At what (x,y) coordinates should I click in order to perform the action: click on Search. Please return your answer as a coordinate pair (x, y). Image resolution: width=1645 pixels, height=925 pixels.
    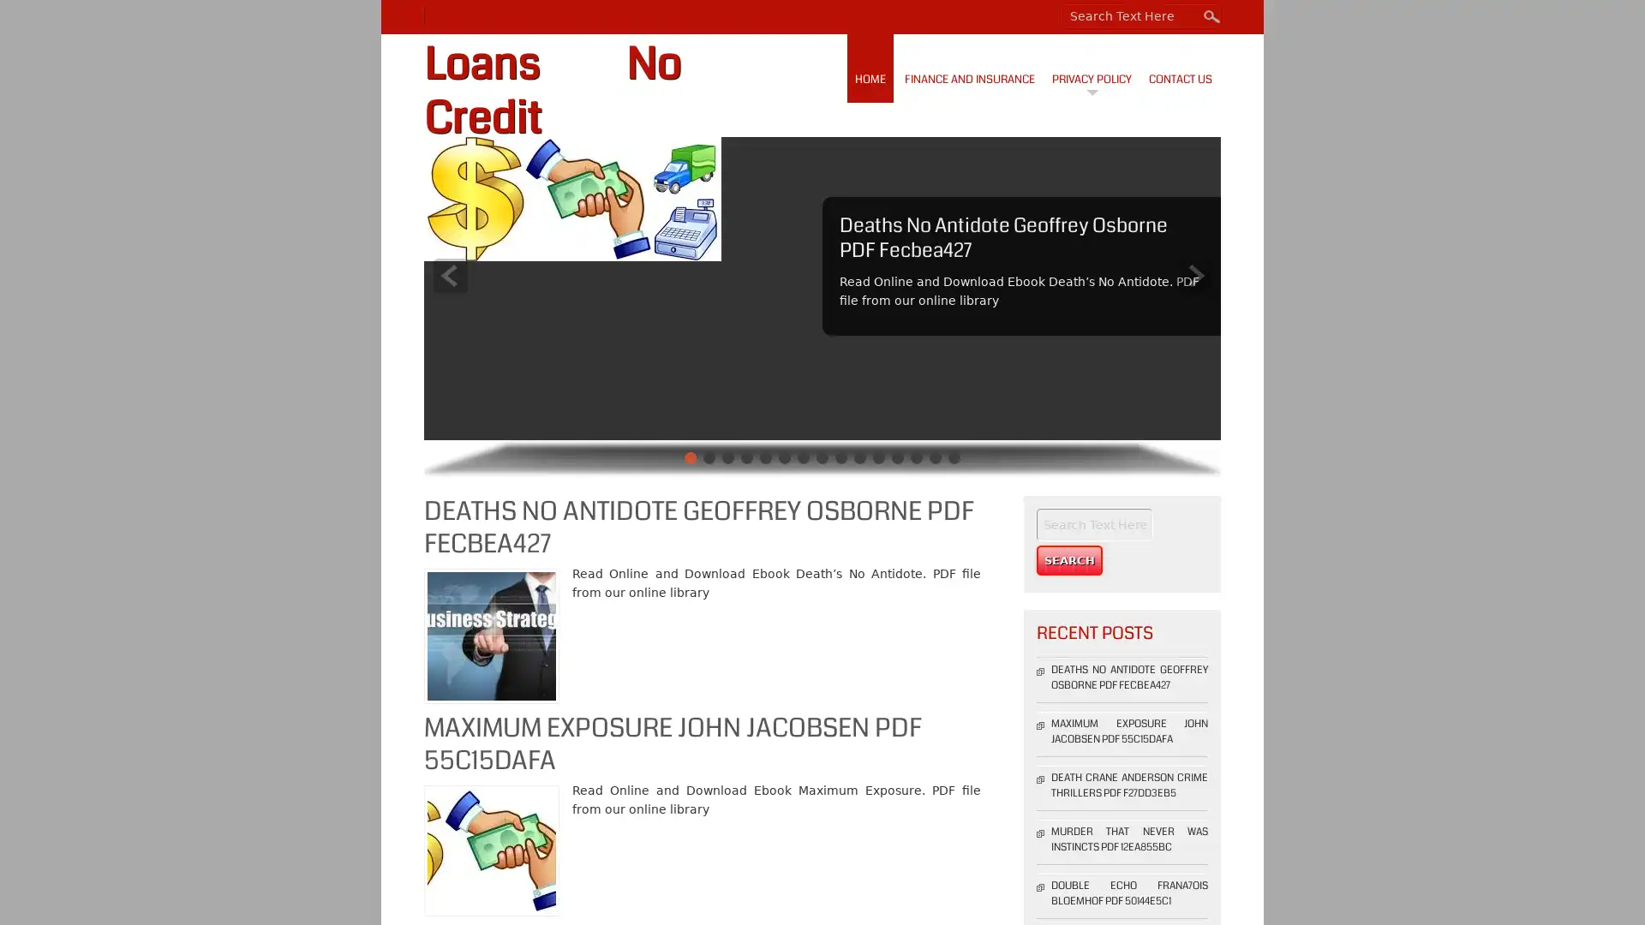
    Looking at the image, I should click on (1068, 560).